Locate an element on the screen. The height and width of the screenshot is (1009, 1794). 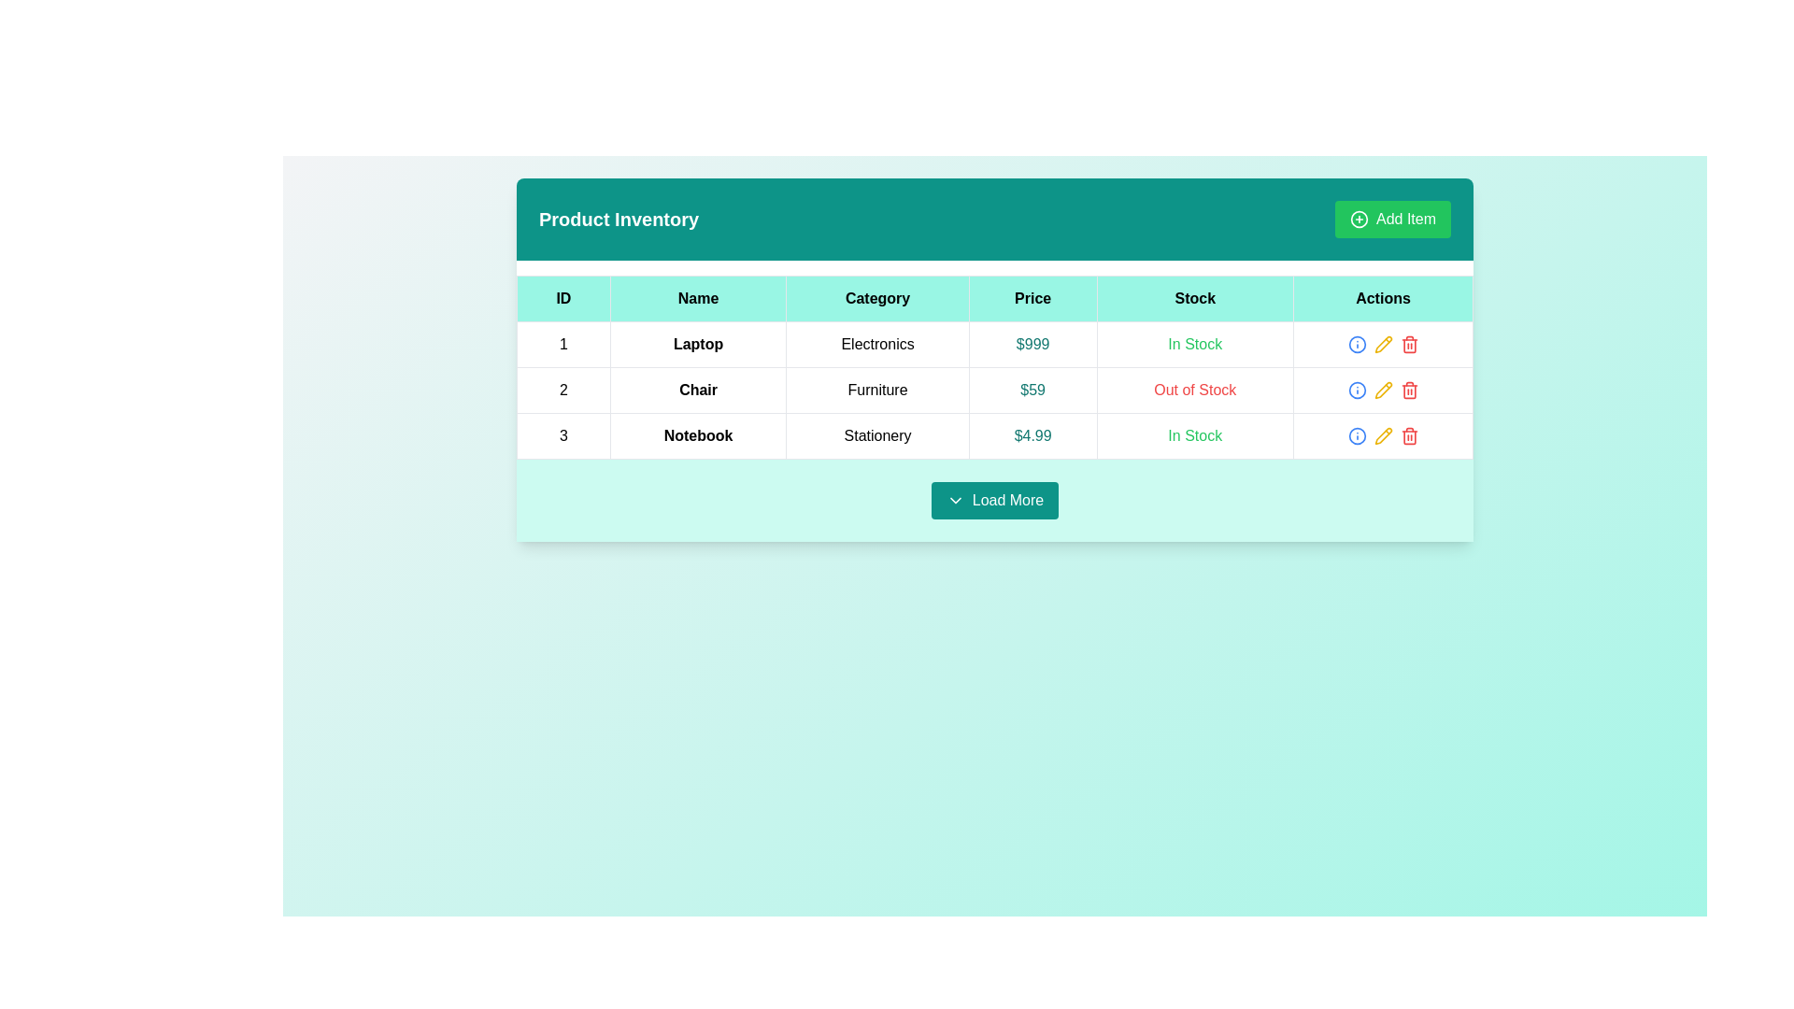
the static text element displaying the numeral '2' in the first cell of the second row under the 'ID' column in the data table is located at coordinates (562, 389).